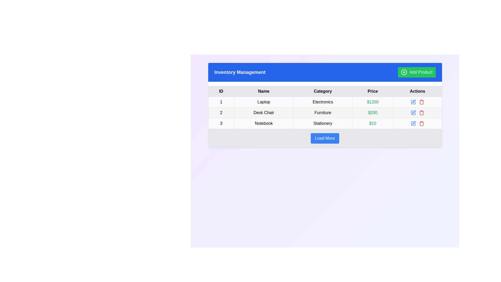 The width and height of the screenshot is (501, 282). Describe the element at coordinates (422, 124) in the screenshot. I see `the trash bin icon button in the Actions column of the third row` at that location.